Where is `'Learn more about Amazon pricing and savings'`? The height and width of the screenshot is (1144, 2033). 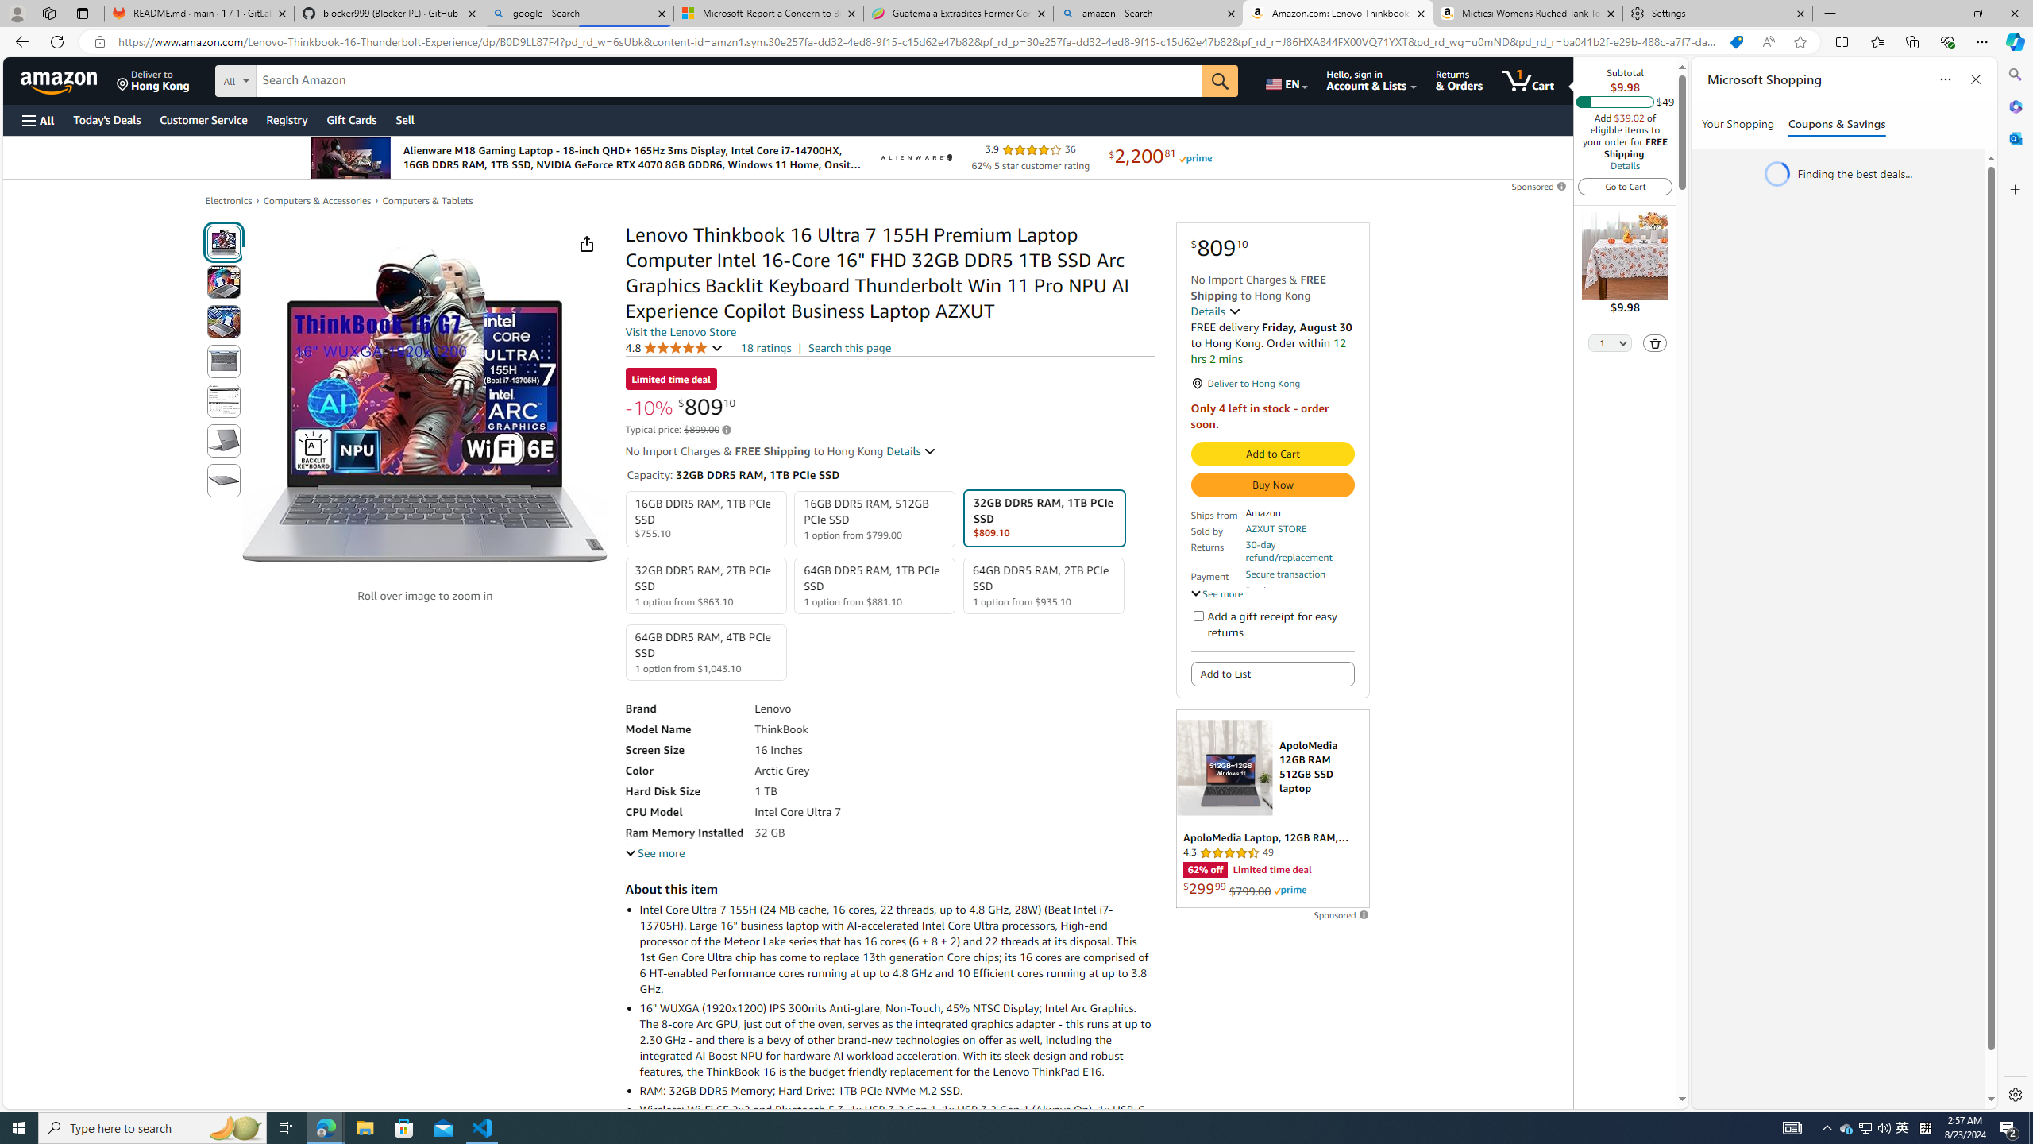 'Learn more about Amazon pricing and savings' is located at coordinates (726, 429).